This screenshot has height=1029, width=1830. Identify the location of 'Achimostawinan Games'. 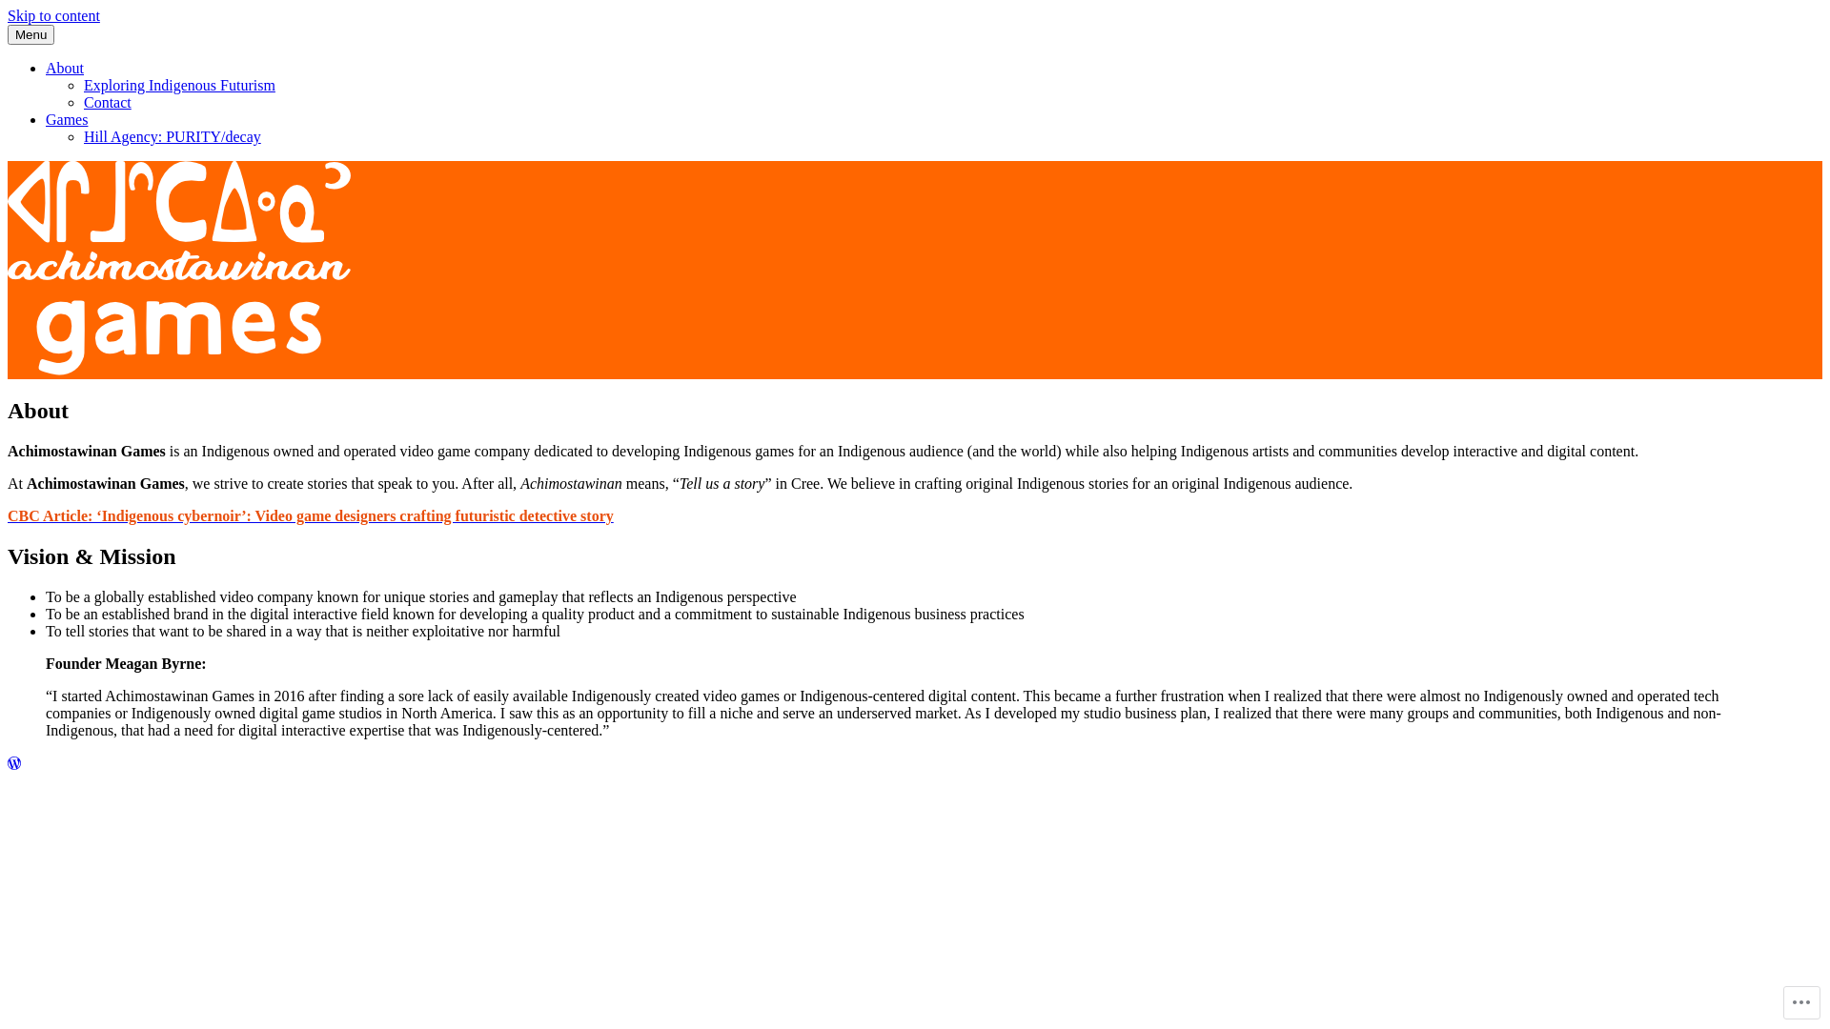
(81, 401).